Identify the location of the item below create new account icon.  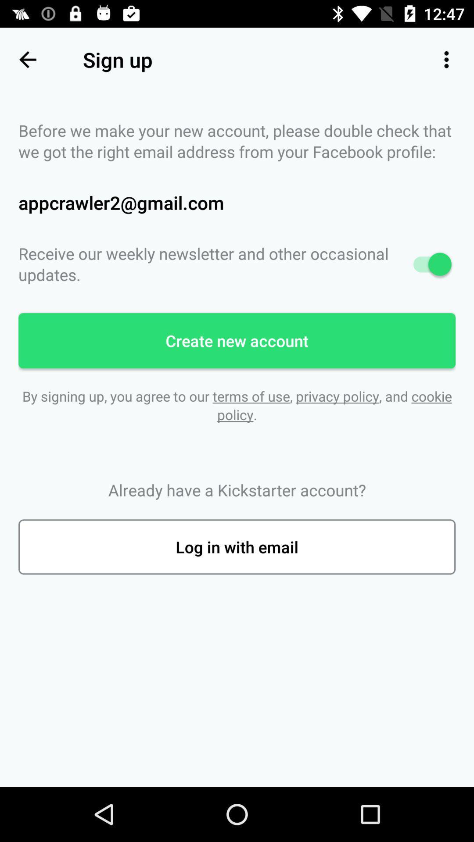
(237, 405).